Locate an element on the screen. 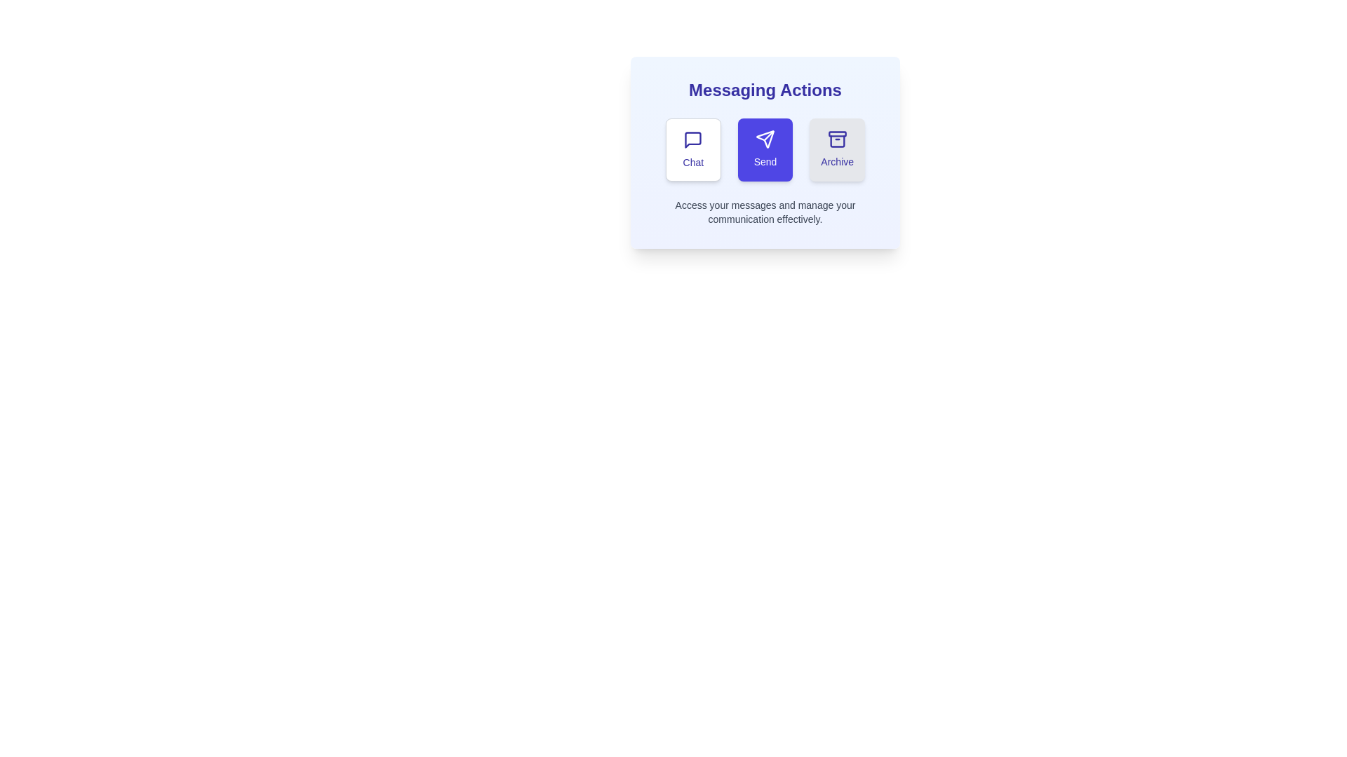 The image size is (1347, 757). text label that describes the 'Archive' button, which is located at the bottom of a rectangular button structure aligned with a storage bin icon is located at coordinates (837, 161).